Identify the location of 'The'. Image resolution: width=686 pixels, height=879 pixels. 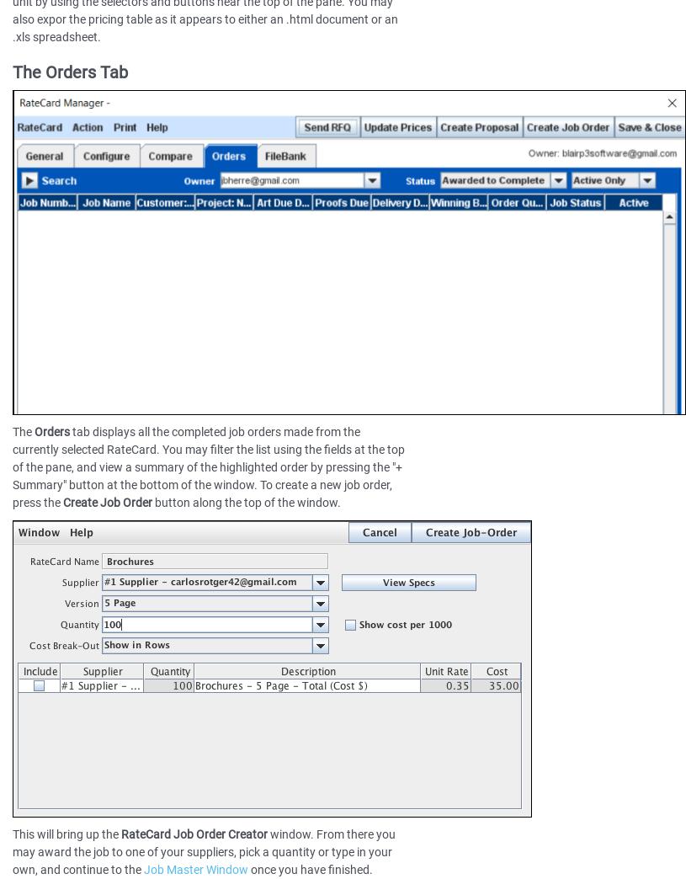
(11, 432).